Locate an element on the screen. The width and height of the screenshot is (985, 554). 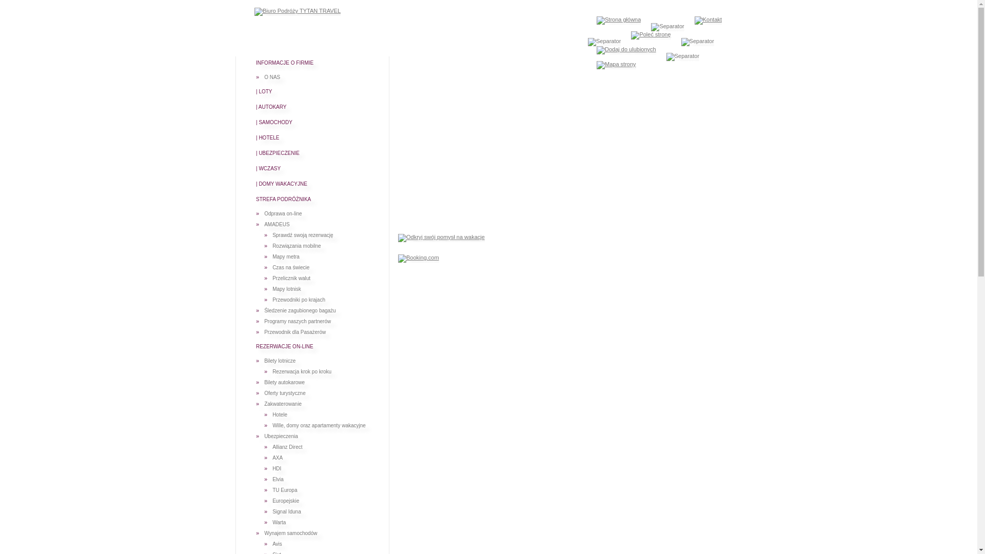
'Mapa strony' is located at coordinates (596, 65).